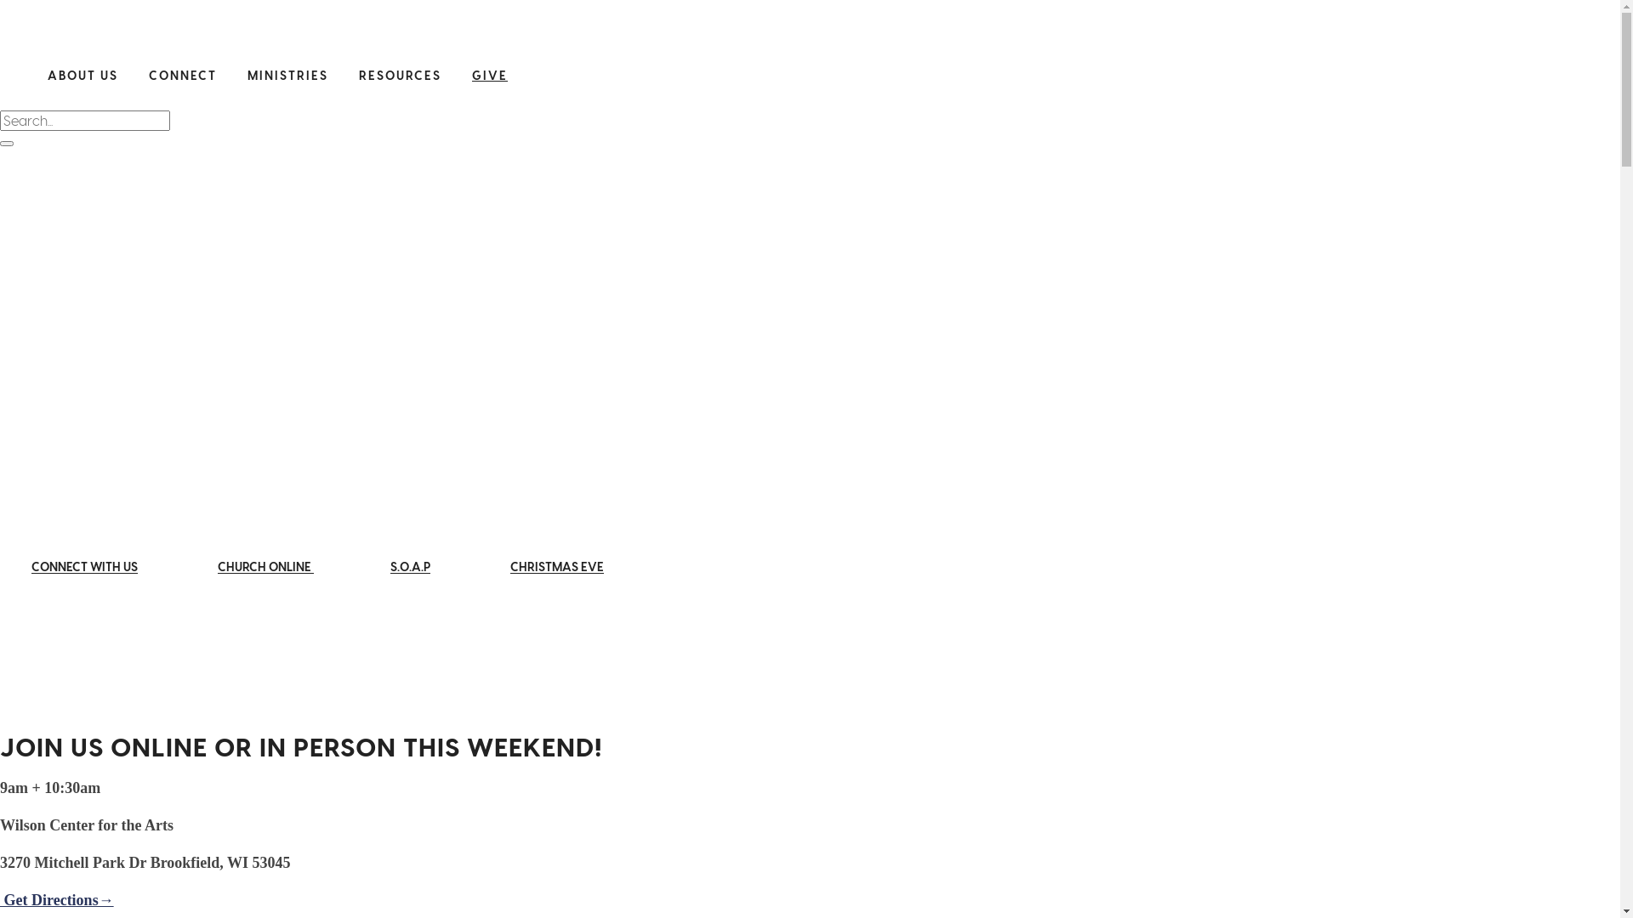 Image resolution: width=1633 pixels, height=918 pixels. Describe the element at coordinates (148, 74) in the screenshot. I see `'CONNECT'` at that location.